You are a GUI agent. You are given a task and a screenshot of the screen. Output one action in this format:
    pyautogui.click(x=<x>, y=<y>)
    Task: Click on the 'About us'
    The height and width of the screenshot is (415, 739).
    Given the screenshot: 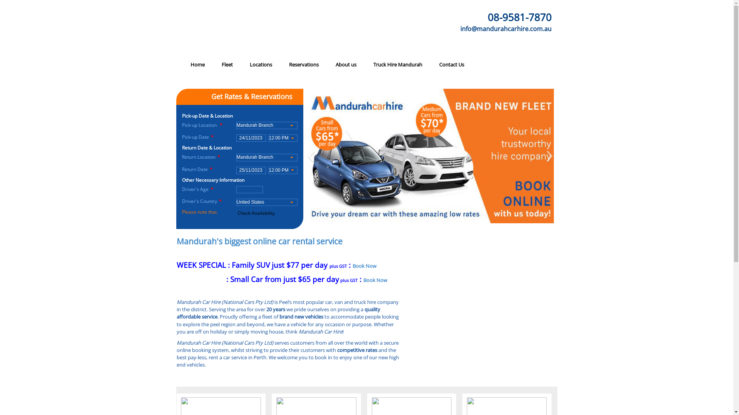 What is the action you would take?
    pyautogui.click(x=345, y=64)
    